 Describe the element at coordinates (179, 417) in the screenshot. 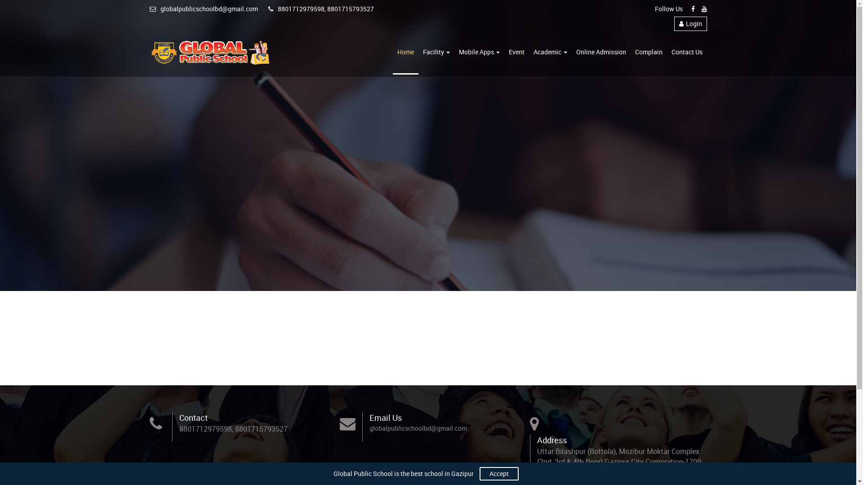

I see `'Contact'` at that location.